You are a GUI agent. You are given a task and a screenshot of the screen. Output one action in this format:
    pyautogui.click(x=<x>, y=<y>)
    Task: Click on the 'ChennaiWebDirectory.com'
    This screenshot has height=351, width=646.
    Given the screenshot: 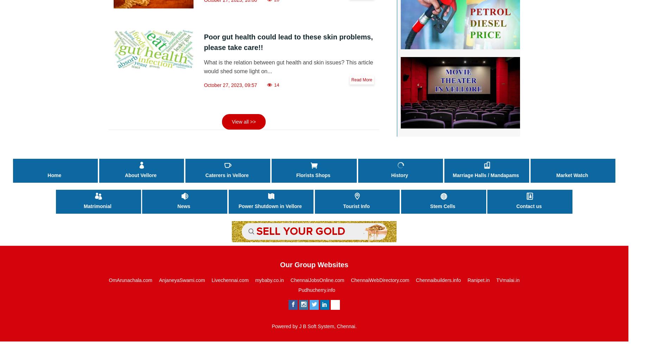 What is the action you would take?
    pyautogui.click(x=380, y=280)
    